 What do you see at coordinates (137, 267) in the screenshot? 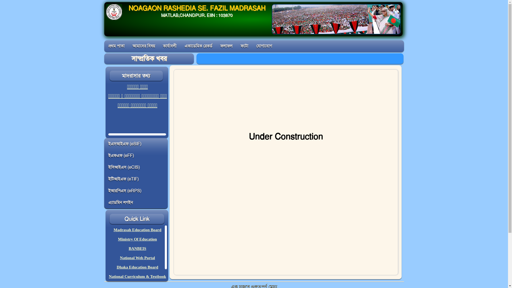
I see `'Dhaka Education Board'` at bounding box center [137, 267].